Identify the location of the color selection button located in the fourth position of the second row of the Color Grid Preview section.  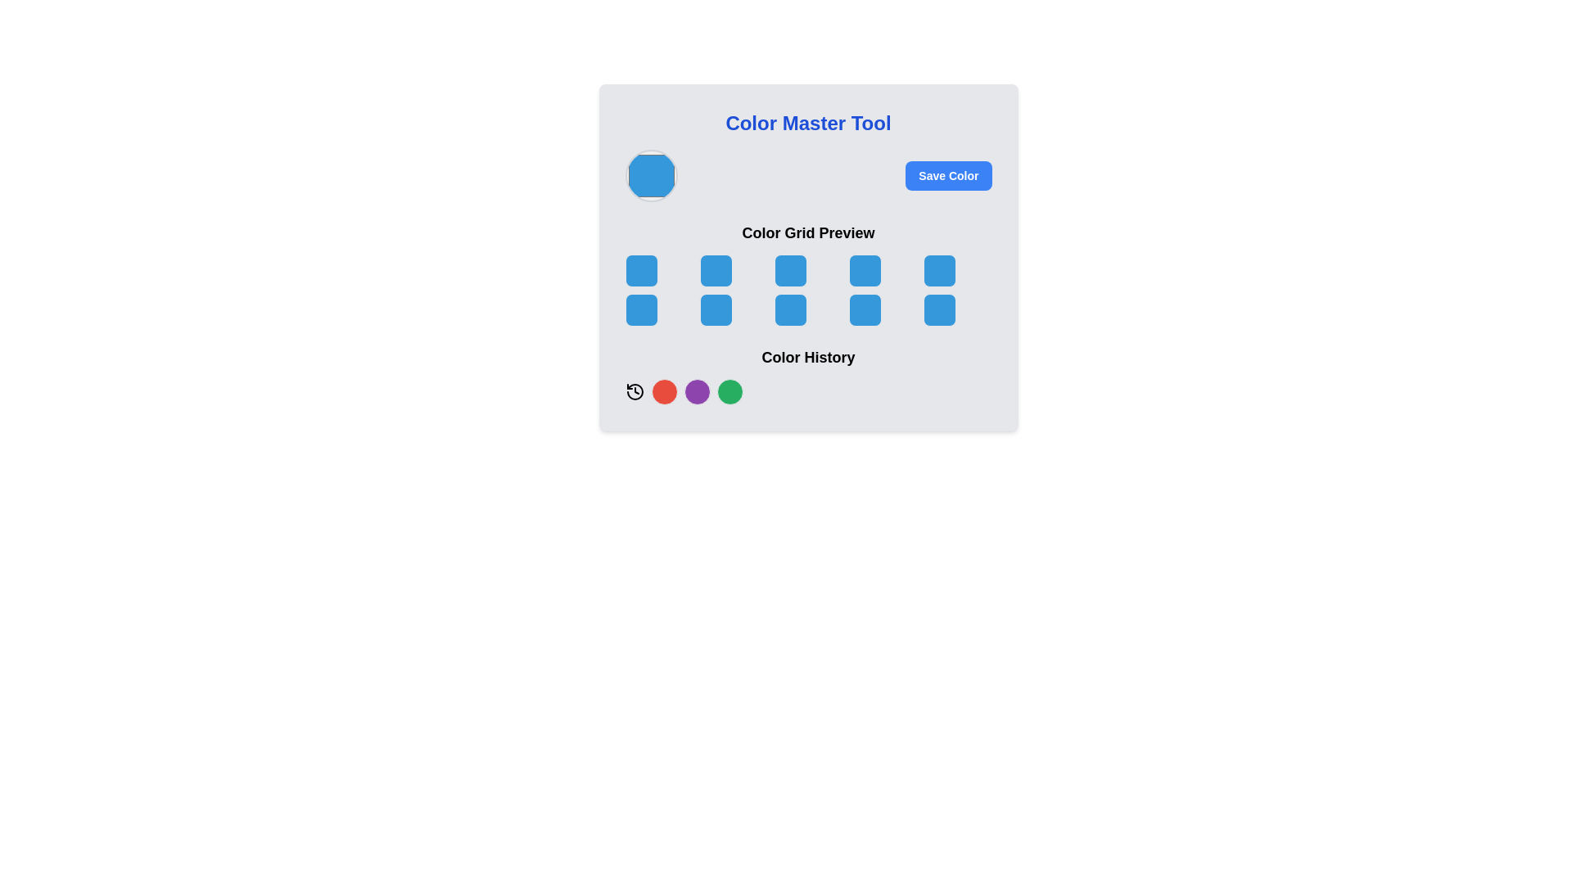
(865, 309).